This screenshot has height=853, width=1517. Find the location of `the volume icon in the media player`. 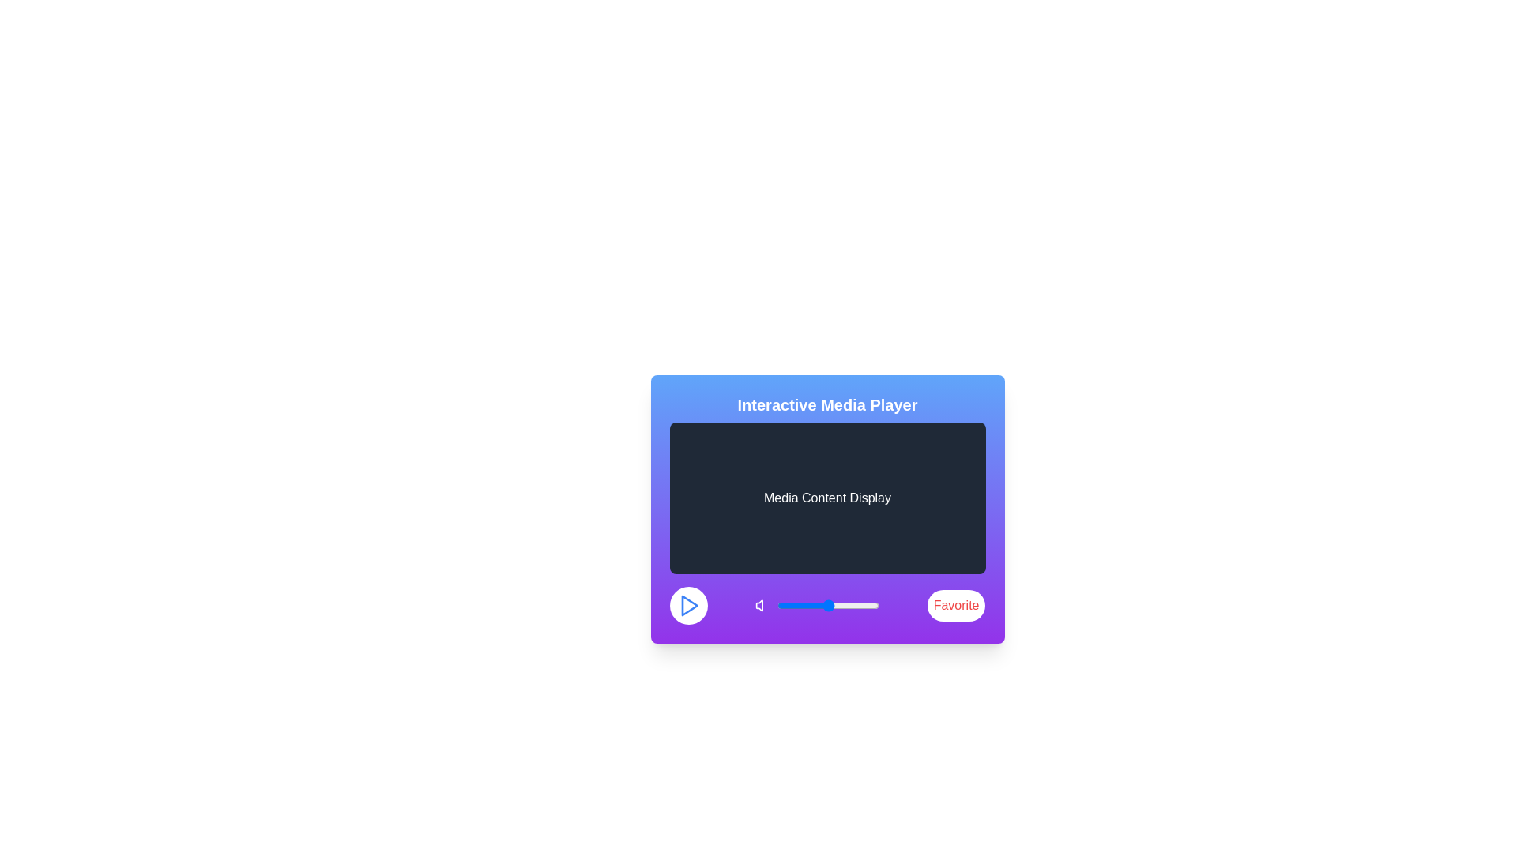

the volume icon in the media player is located at coordinates (763, 605).